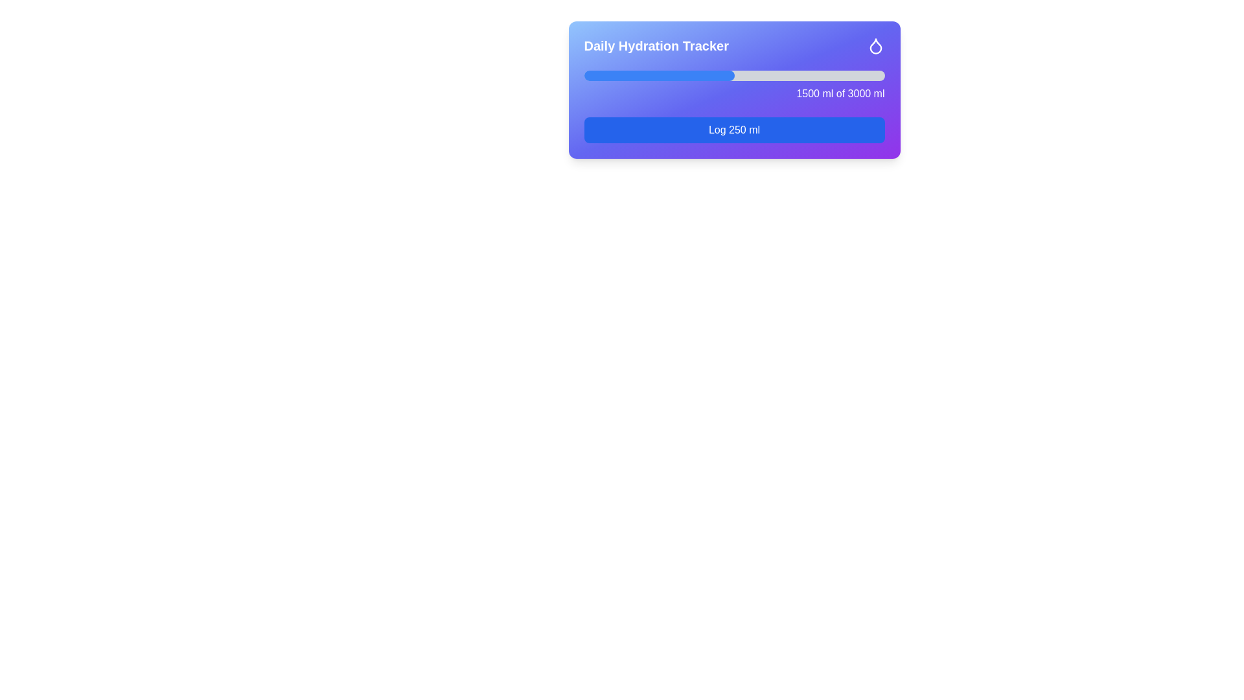  I want to click on the horizontal progress bar within the hydration tracker interface, which is represented by a gray background and a blue bar that fills halfway, positioned below the title 'Daily Hydration Tracker' and above the text segment displaying '1500 ml of 3000 ml', so click(734, 75).